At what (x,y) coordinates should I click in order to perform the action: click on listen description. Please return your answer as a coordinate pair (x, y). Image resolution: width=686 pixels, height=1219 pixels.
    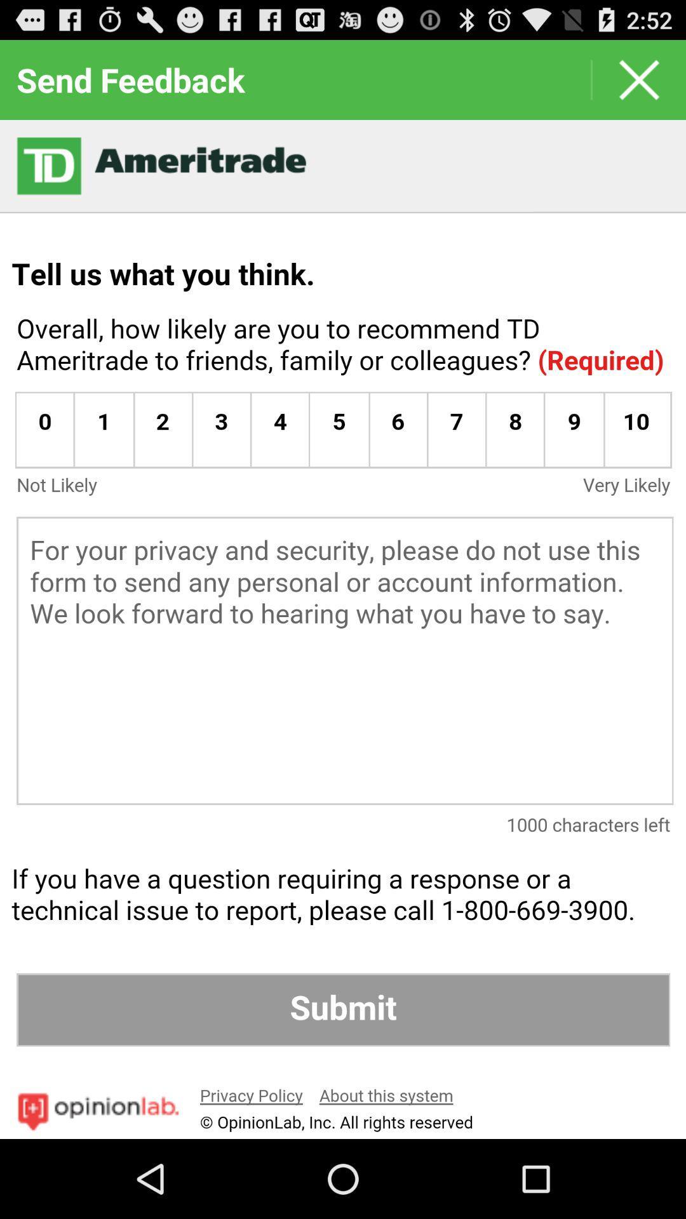
    Looking at the image, I should click on (343, 629).